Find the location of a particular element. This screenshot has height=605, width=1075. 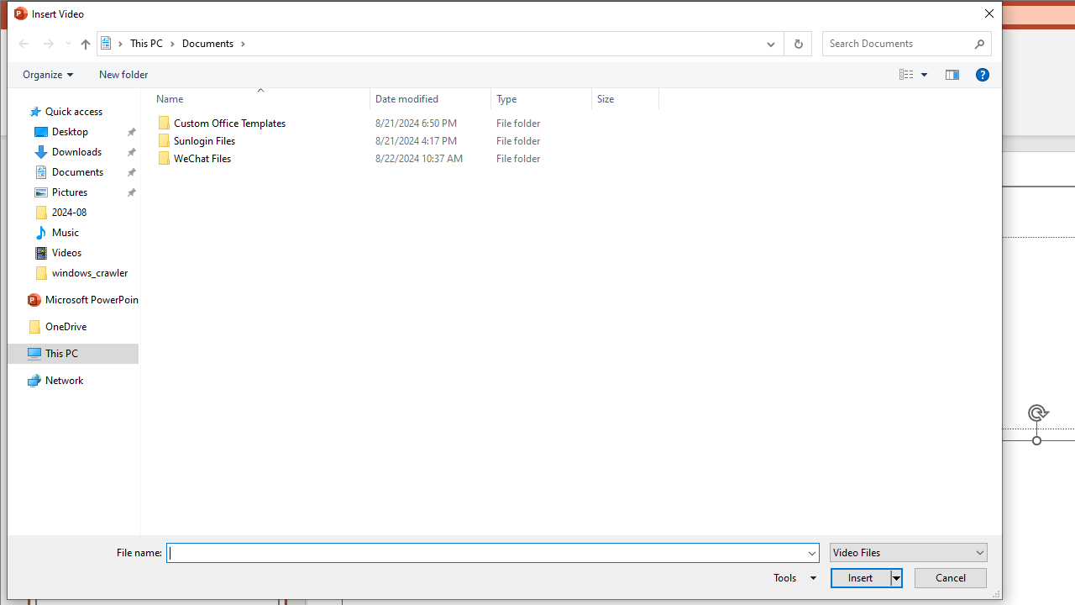

'Tools' is located at coordinates (791, 576).